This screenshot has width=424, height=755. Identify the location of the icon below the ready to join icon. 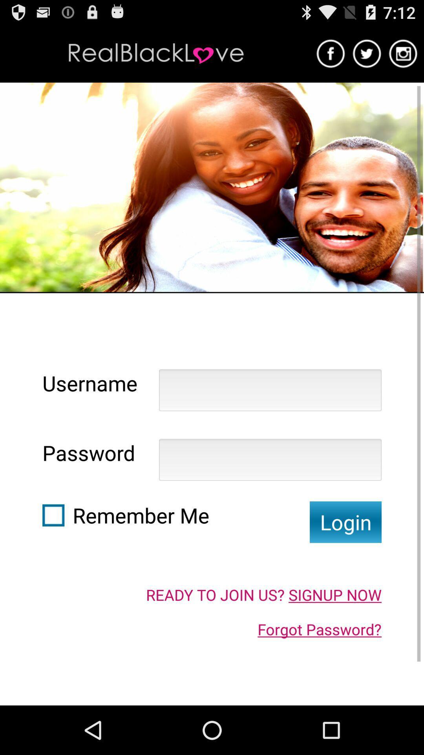
(320, 629).